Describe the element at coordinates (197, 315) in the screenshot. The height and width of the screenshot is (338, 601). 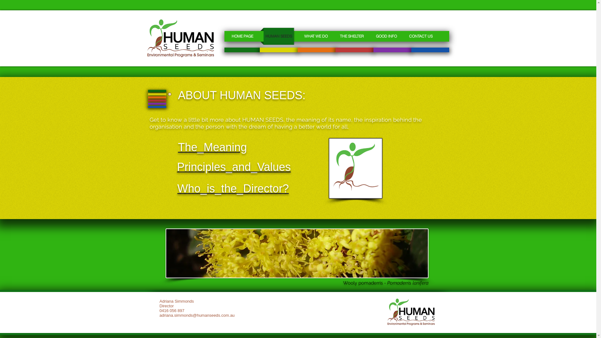
I see `'adriana.simmonds@humanseeds.com.au'` at that location.